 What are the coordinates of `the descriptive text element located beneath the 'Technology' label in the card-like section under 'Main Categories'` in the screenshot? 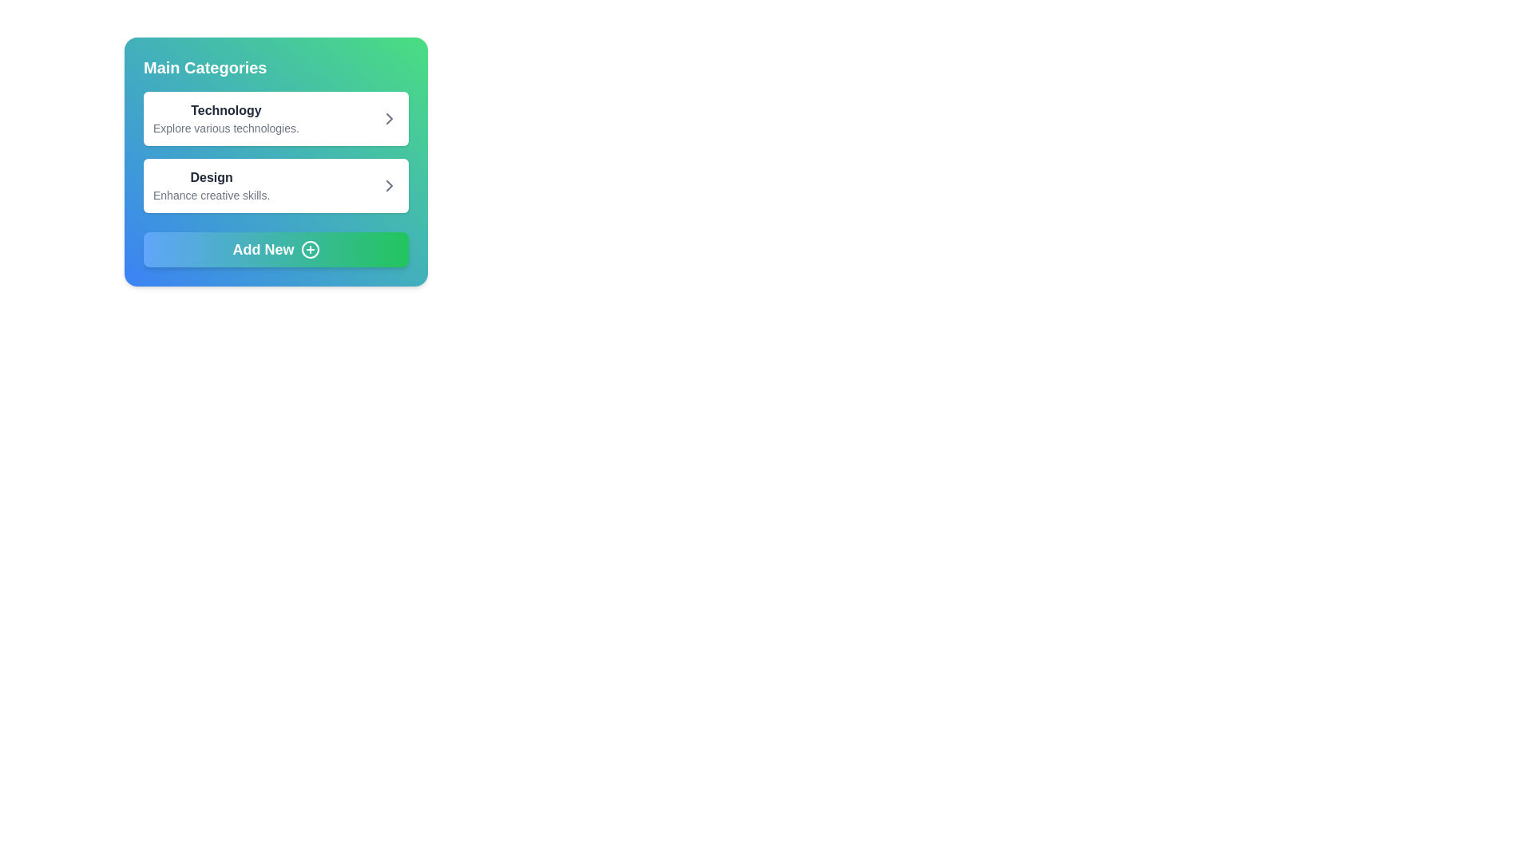 It's located at (225, 128).